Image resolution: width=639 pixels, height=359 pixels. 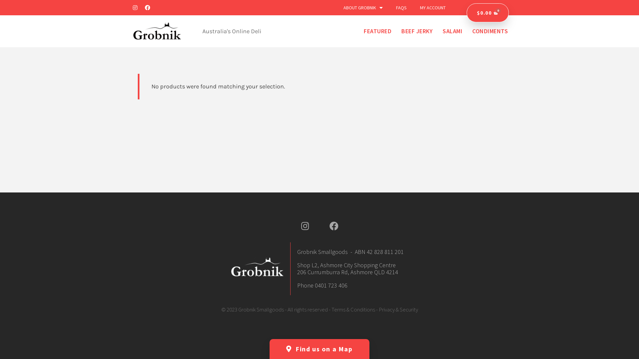 What do you see at coordinates (337, 8) in the screenshot?
I see `'ABOUT GROBNIK'` at bounding box center [337, 8].